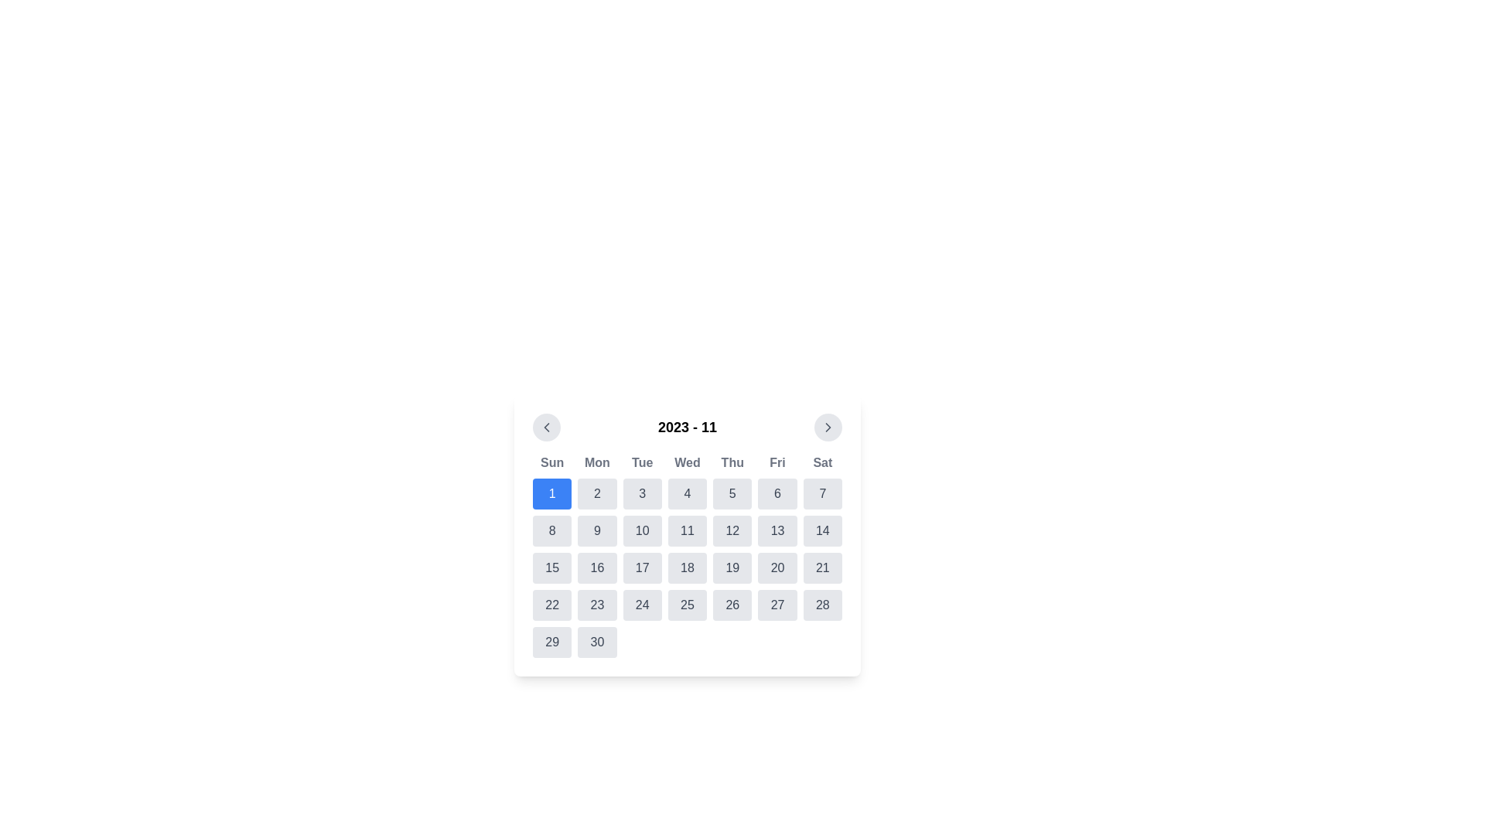  Describe the element at coordinates (777, 462) in the screenshot. I see `the static text label representing 'Friday' in the calendar interface, located between 'Thu' and 'Sat'` at that location.